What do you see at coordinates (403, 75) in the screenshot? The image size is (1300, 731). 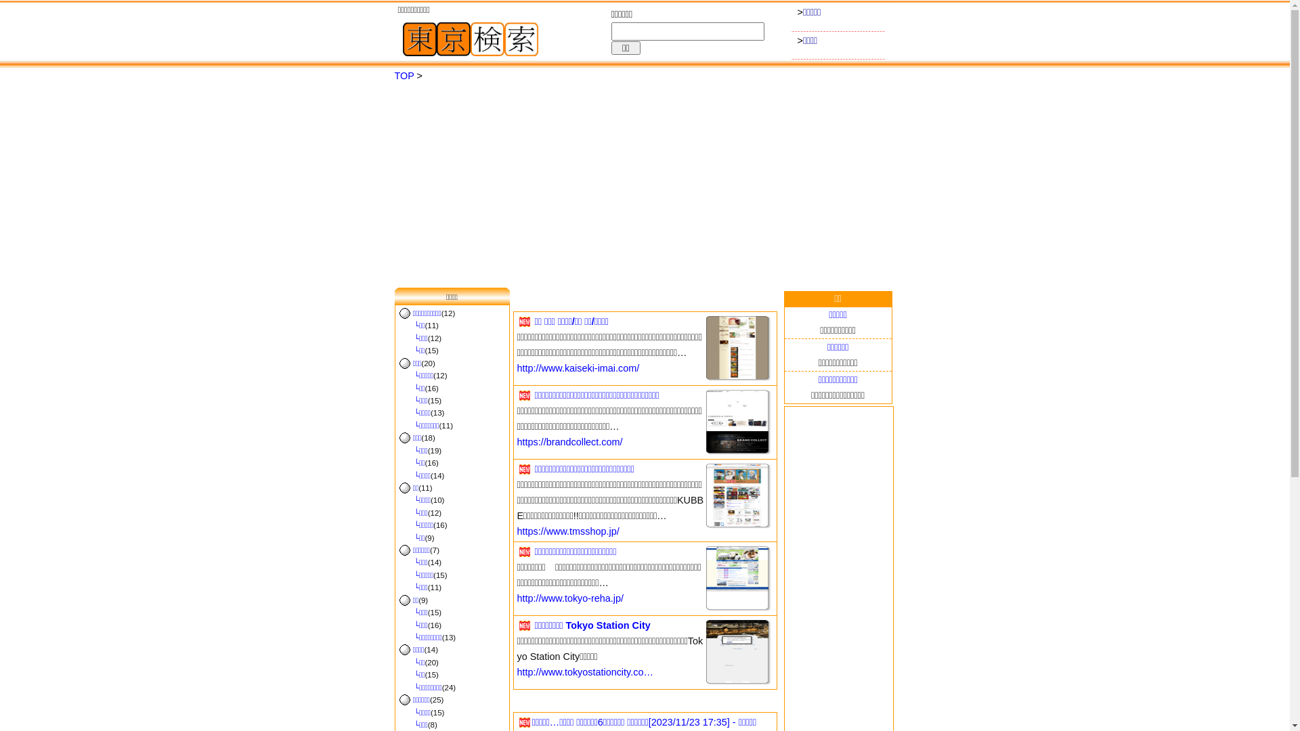 I see `'TOP'` at bounding box center [403, 75].